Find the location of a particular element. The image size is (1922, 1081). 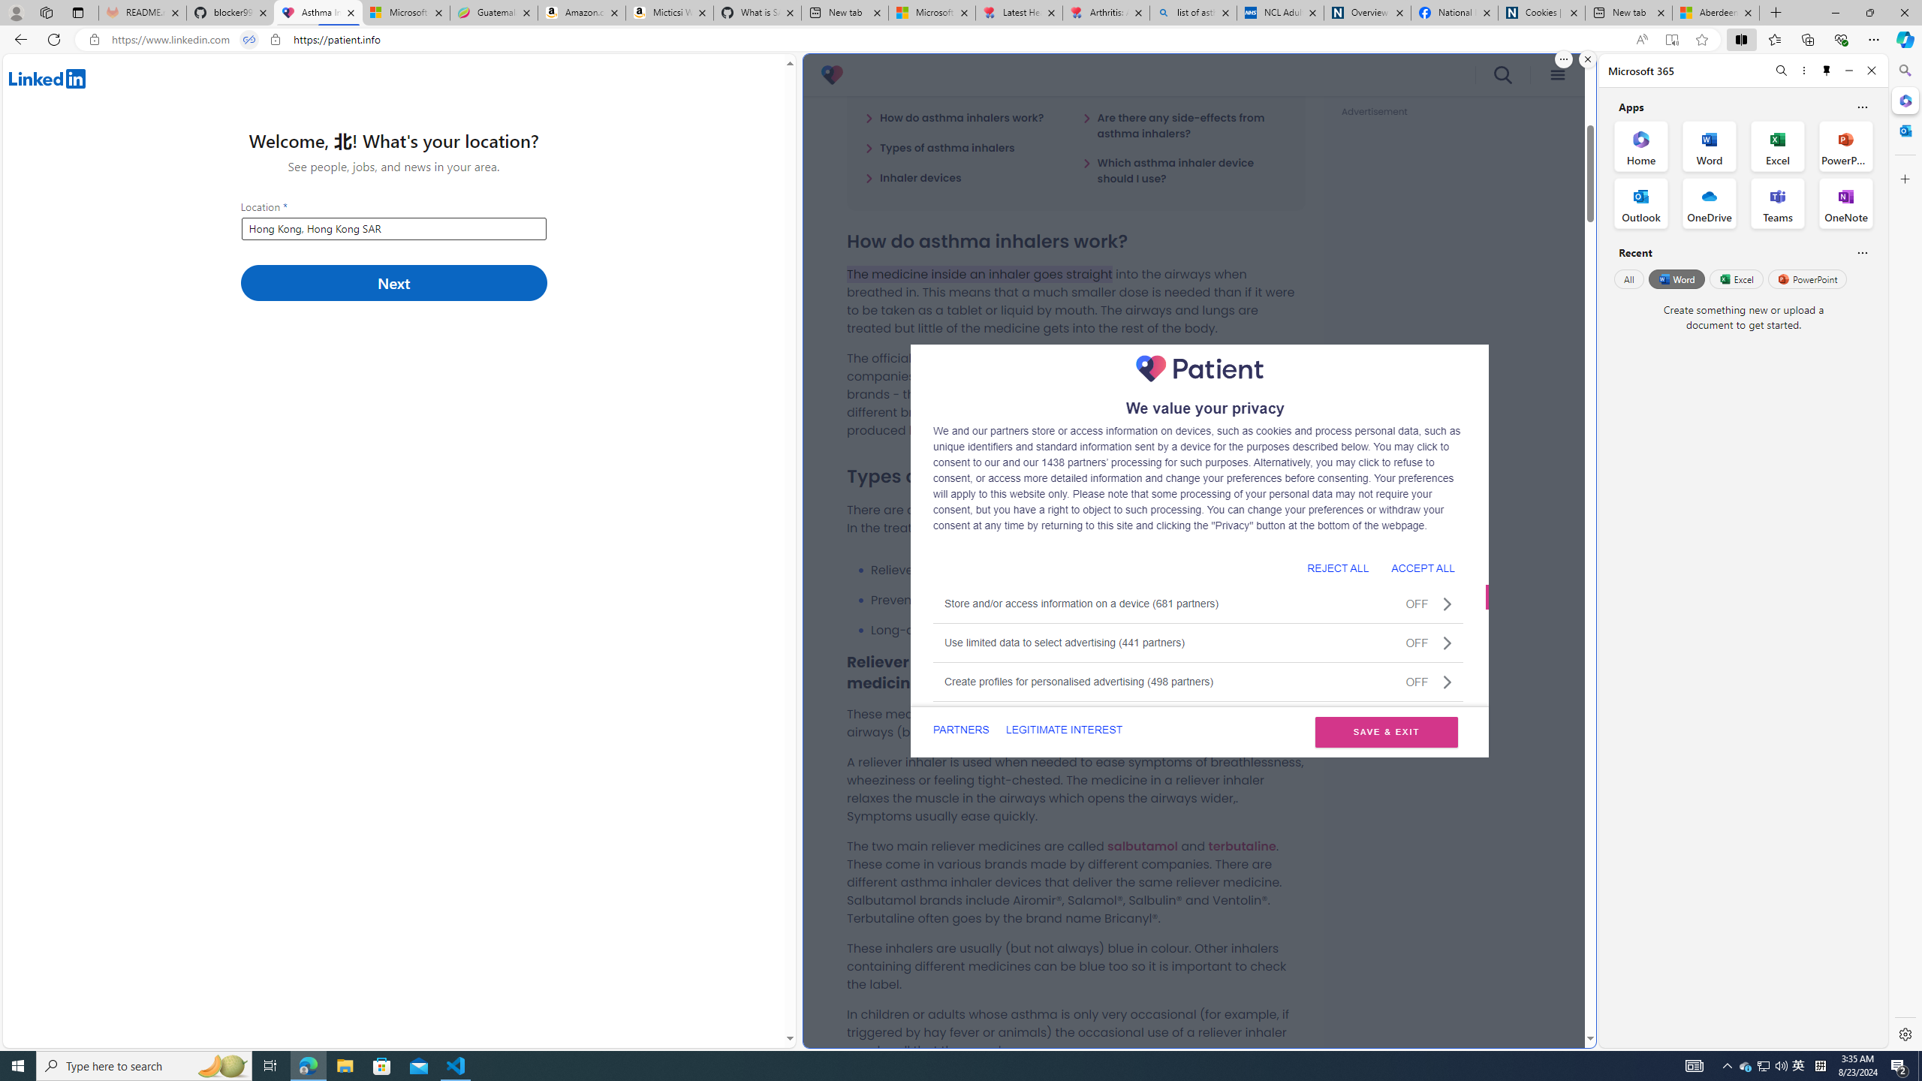

'Tabs in split screen' is located at coordinates (249, 40).